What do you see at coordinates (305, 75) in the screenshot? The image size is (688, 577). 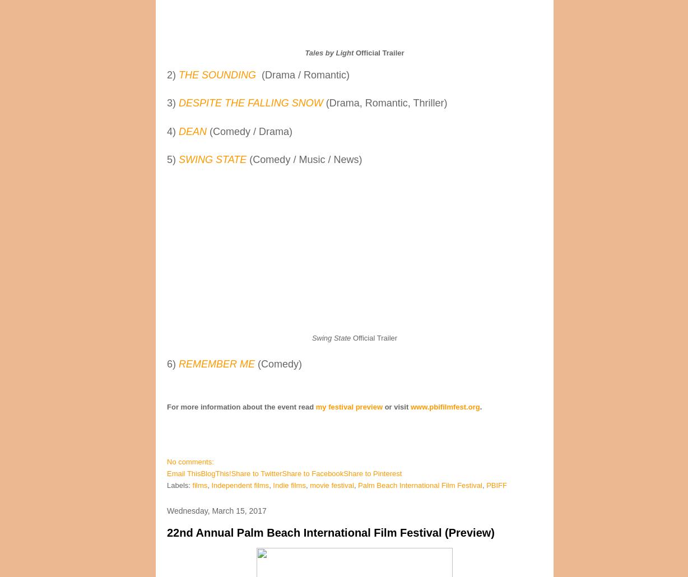 I see `'(Drama / Romantic)'` at bounding box center [305, 75].